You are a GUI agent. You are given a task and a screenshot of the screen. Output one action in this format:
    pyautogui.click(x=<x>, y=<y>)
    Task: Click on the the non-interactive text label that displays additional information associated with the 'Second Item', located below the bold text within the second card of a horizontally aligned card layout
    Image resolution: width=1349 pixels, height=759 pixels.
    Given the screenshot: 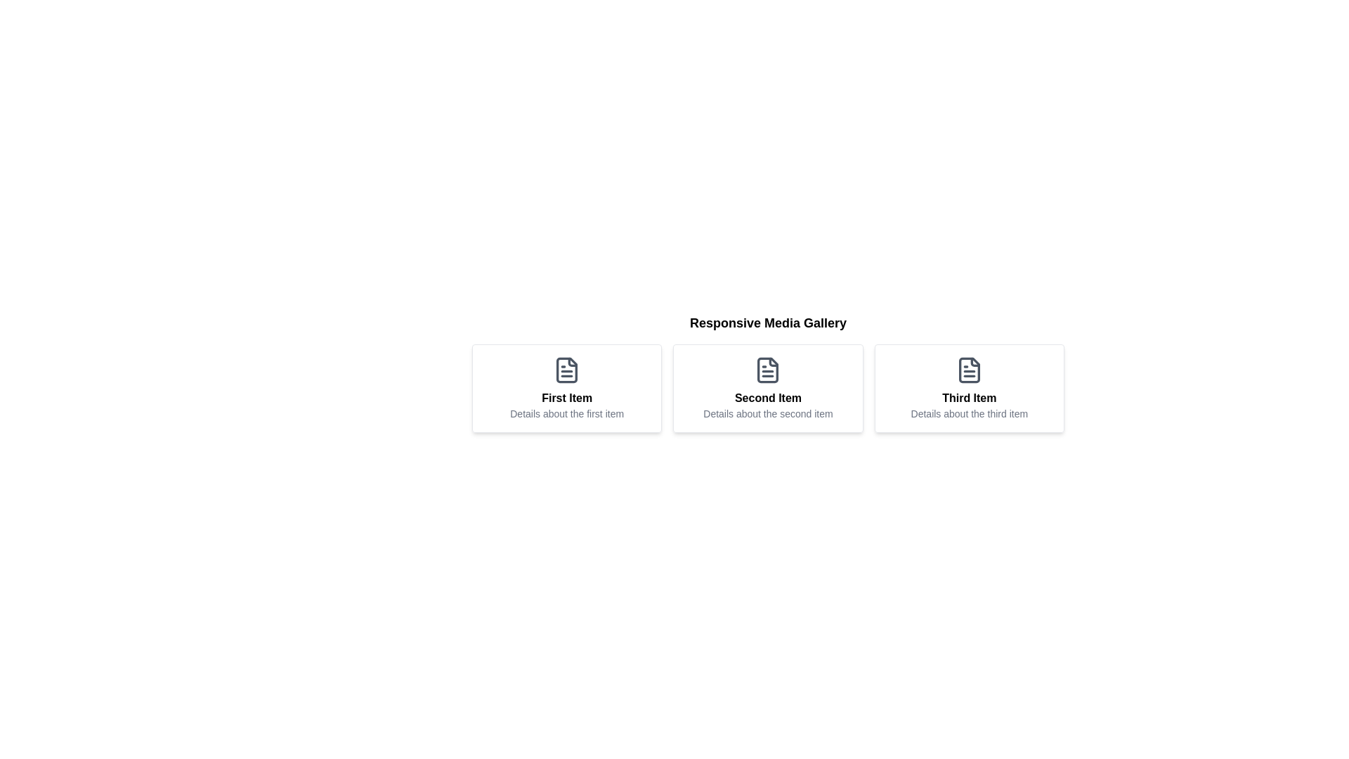 What is the action you would take?
    pyautogui.click(x=767, y=413)
    